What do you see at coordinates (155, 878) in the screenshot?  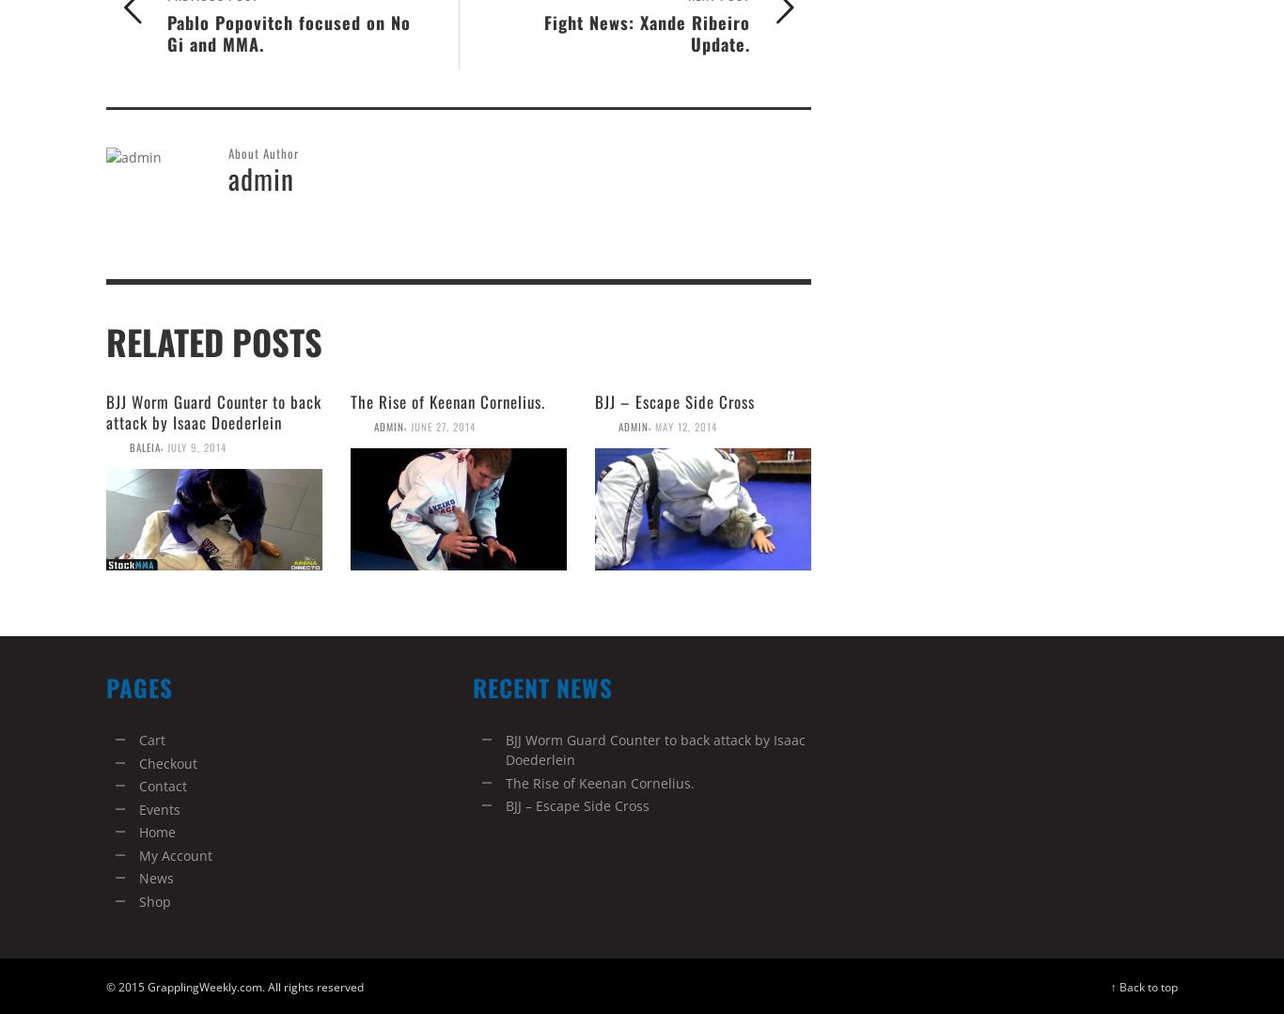 I see `'News'` at bounding box center [155, 878].